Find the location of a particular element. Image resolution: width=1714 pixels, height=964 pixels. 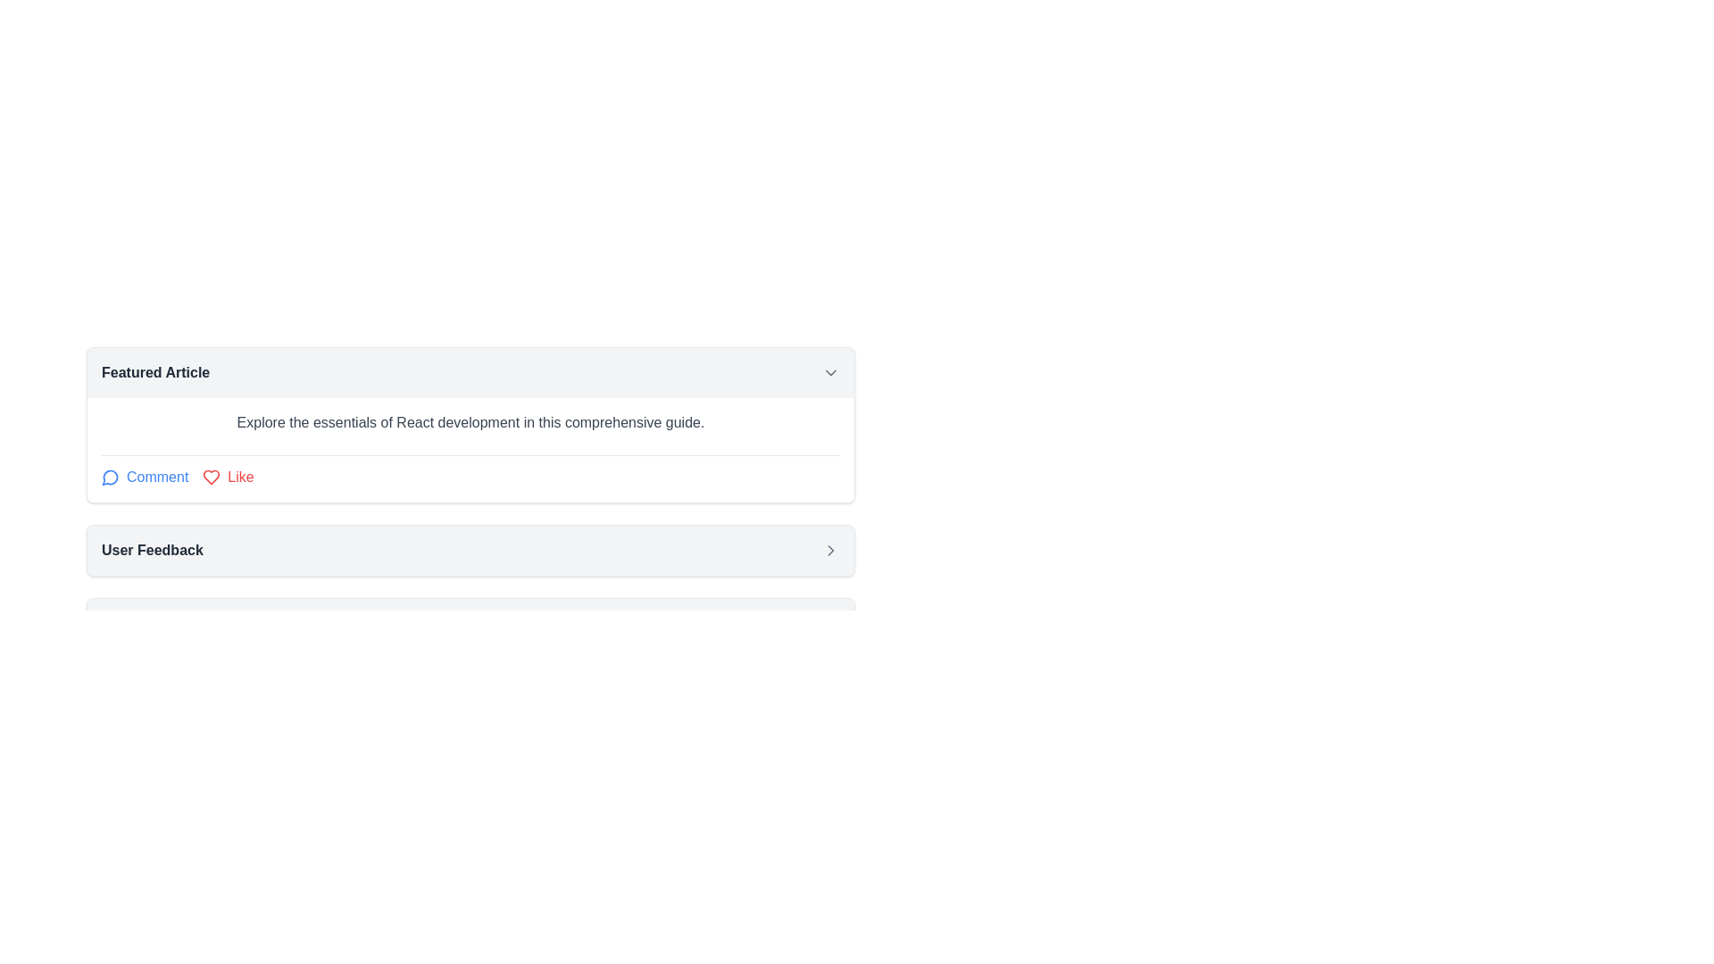

the comment-related SVG icon located in the bottom-left of the 'Comment' section, adjacent to the 'Like' button is located at coordinates (109, 477).